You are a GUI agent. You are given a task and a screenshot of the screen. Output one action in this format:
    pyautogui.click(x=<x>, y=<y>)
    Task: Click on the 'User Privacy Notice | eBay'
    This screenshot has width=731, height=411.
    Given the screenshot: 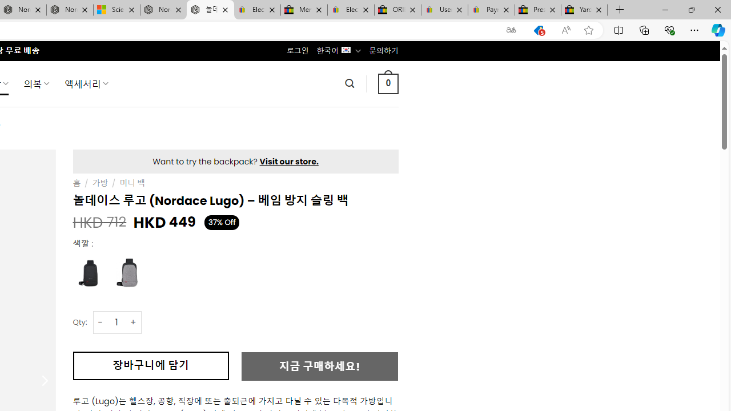 What is the action you would take?
    pyautogui.click(x=444, y=10)
    